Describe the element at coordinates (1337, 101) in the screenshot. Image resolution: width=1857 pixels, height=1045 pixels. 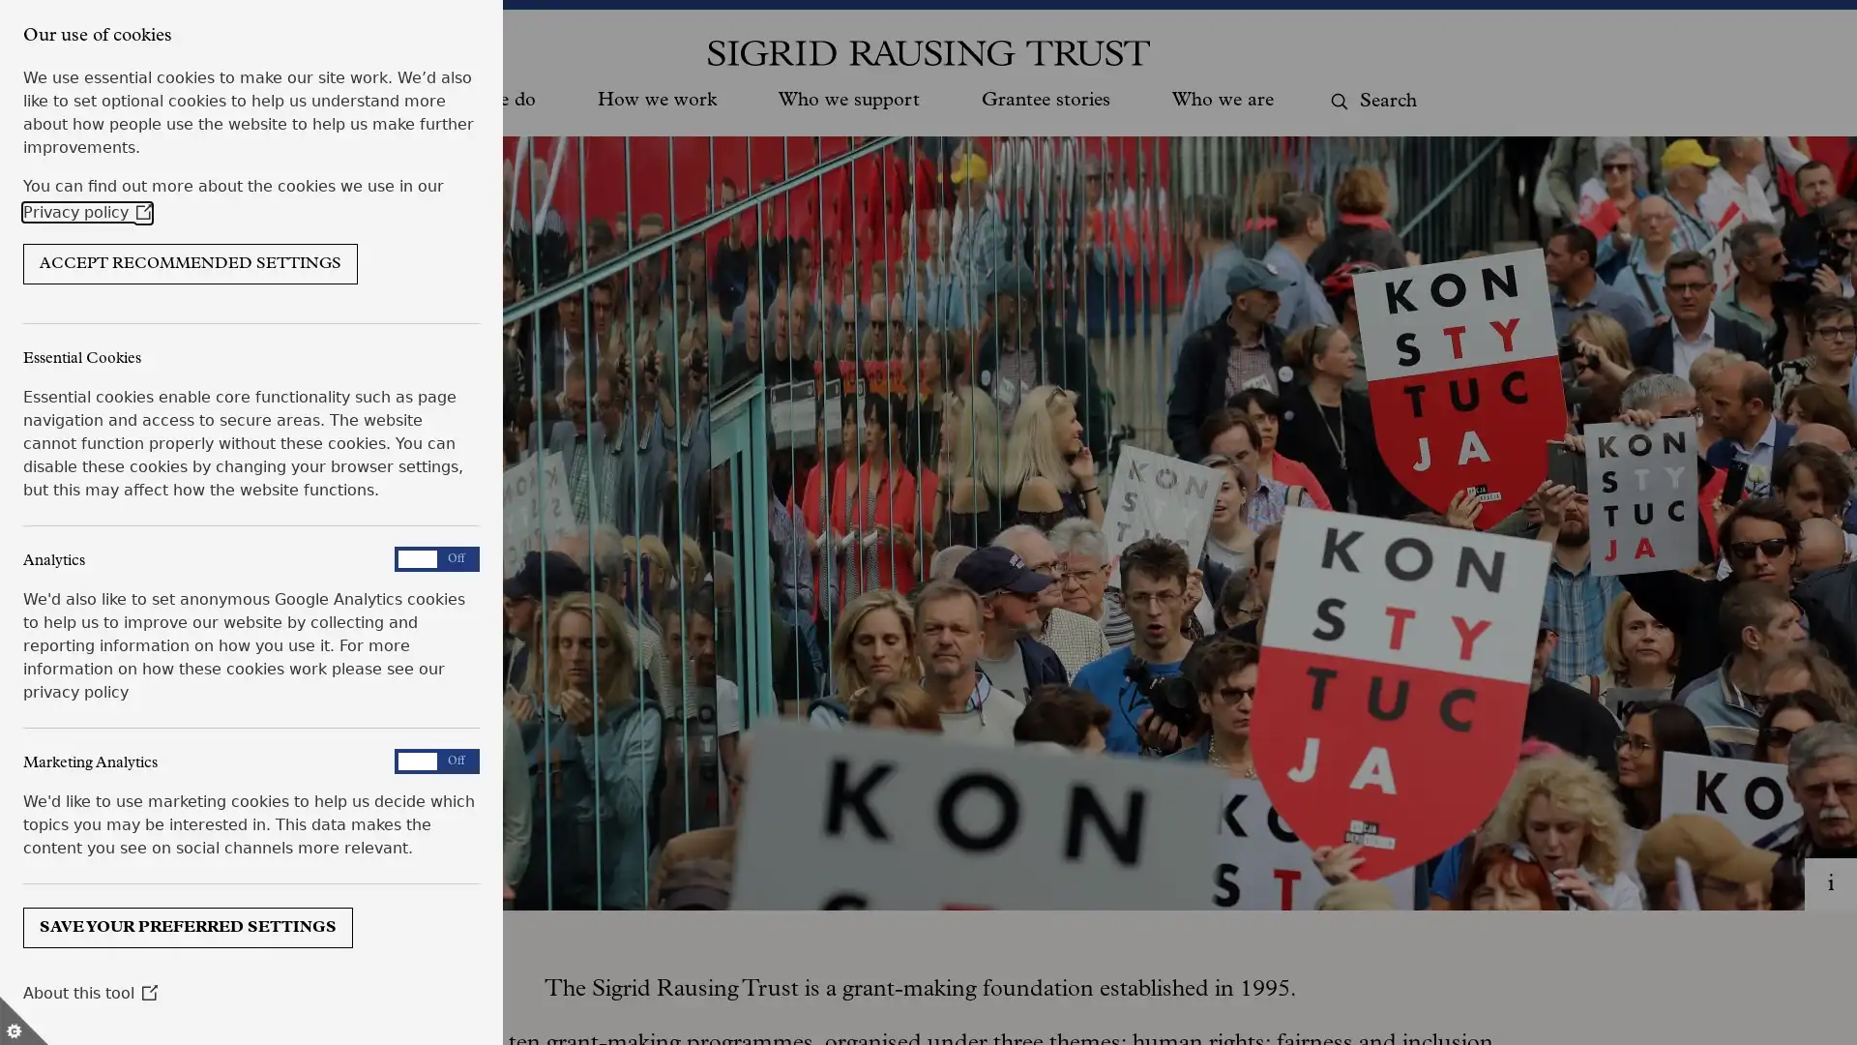
I see `Search submit` at that location.